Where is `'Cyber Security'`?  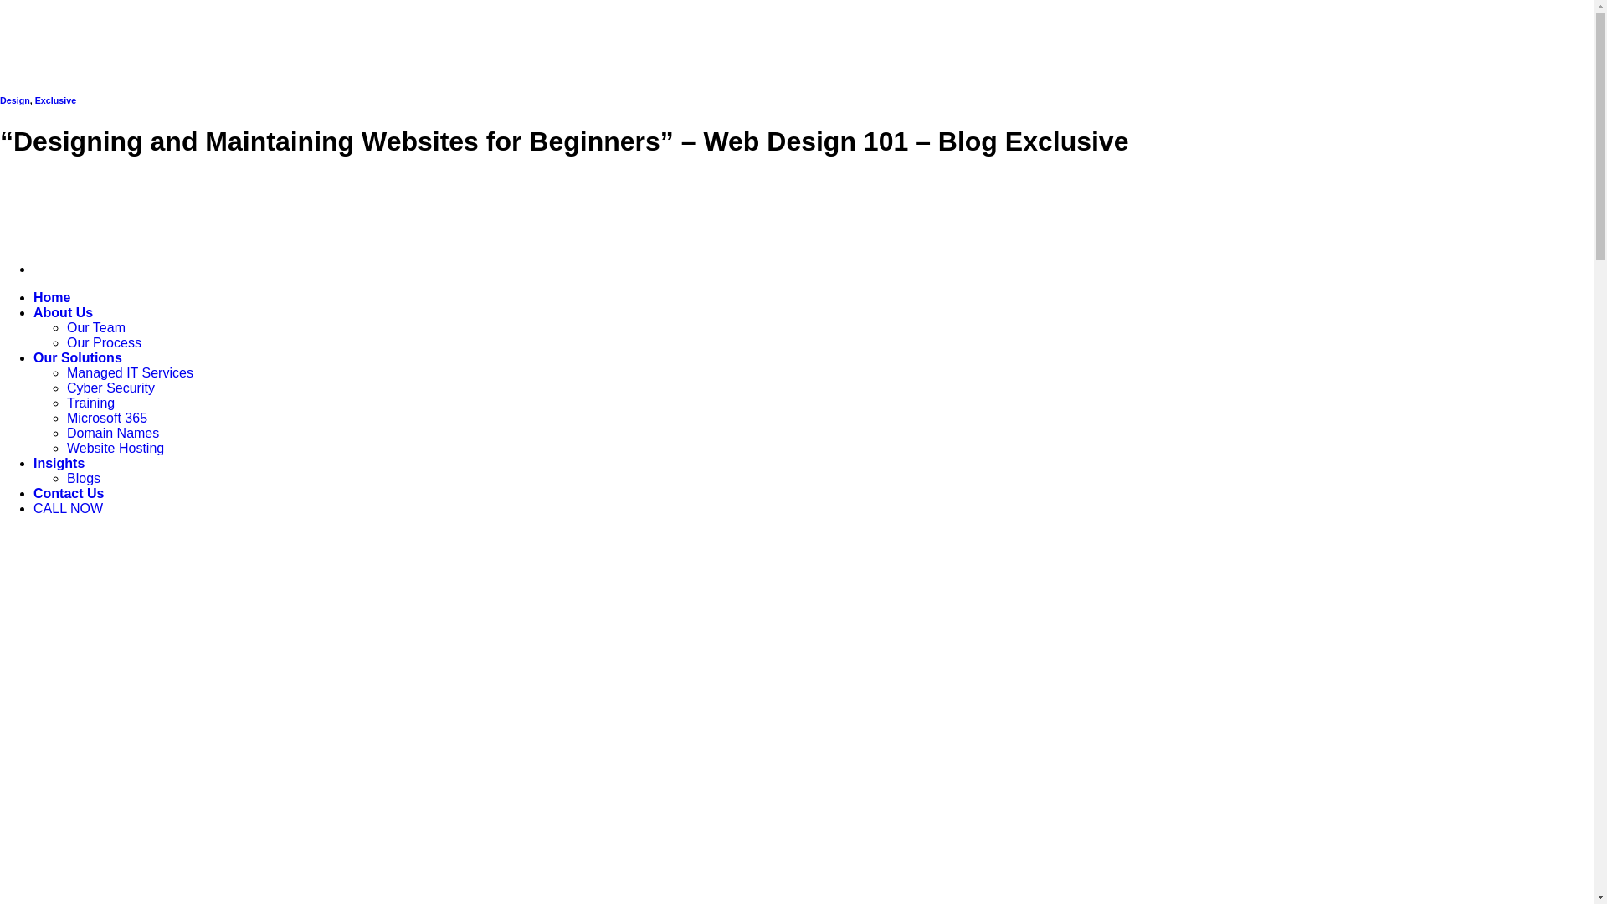 'Cyber Security' is located at coordinates (67, 388).